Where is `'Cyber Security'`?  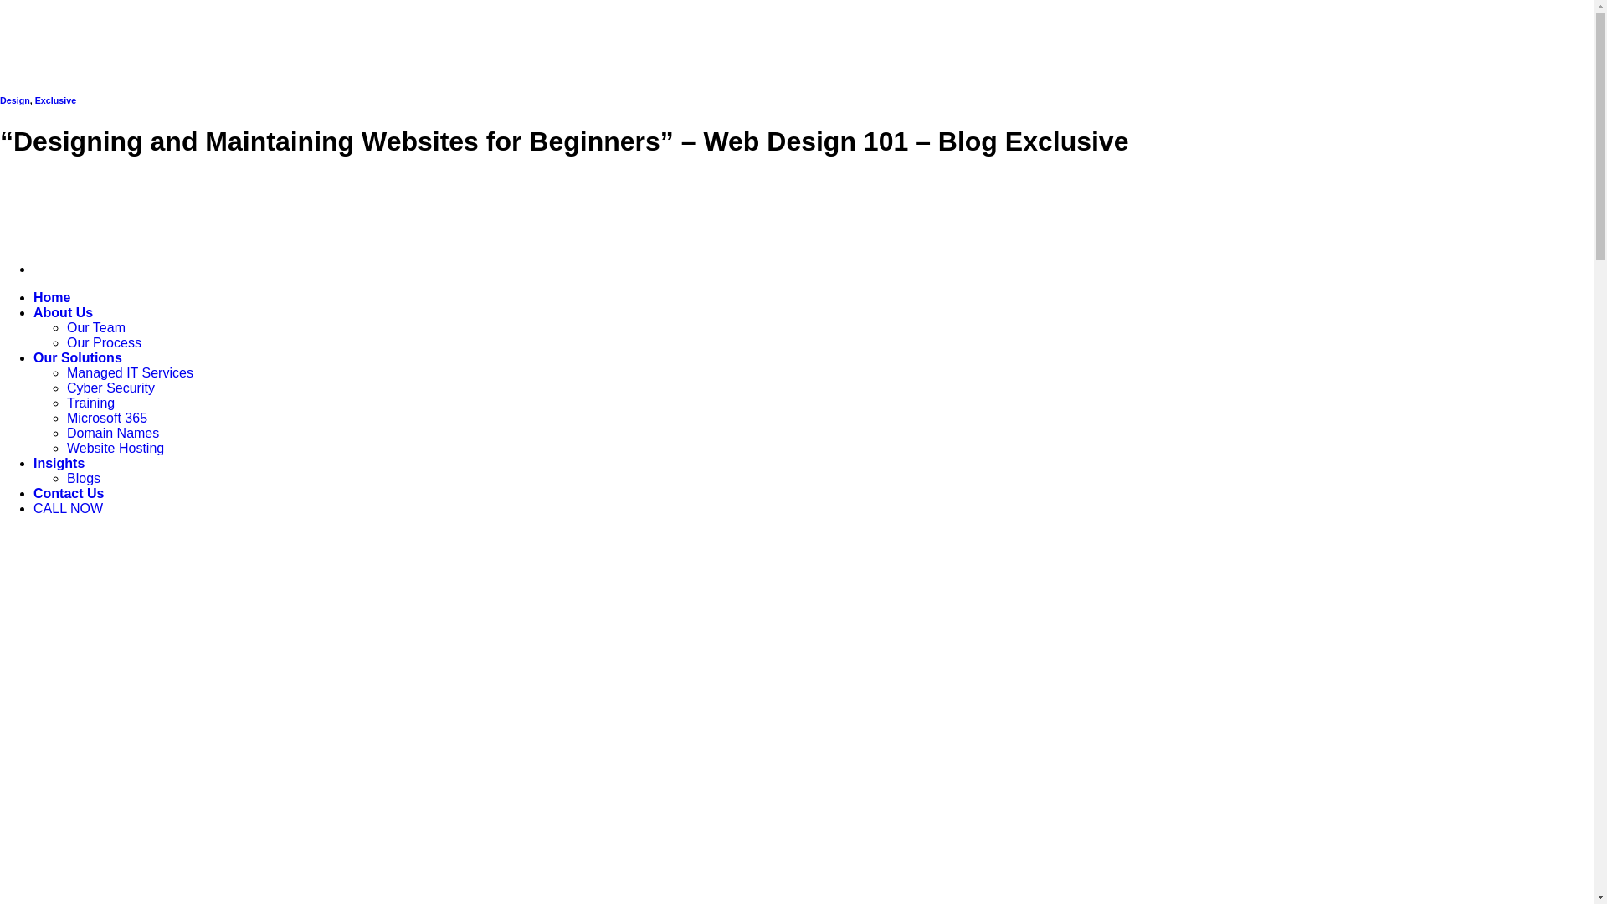 'Cyber Security' is located at coordinates (67, 388).